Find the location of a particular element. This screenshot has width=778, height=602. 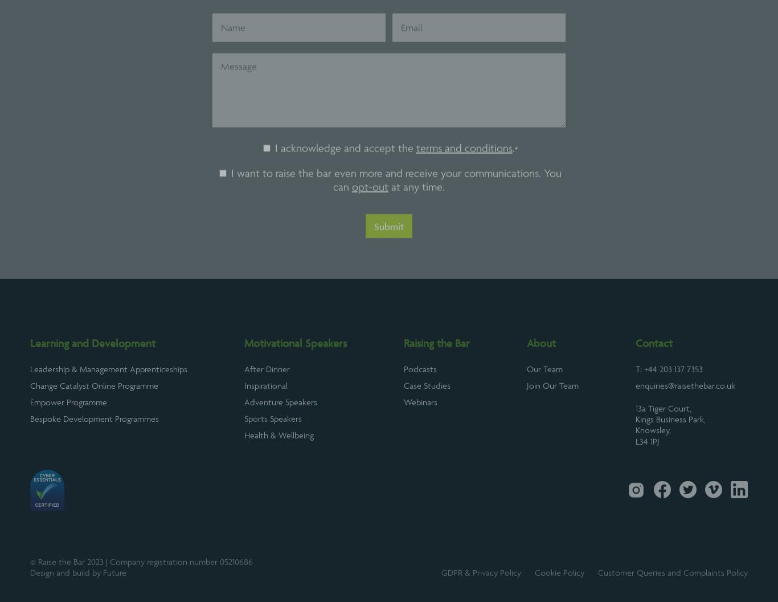

'terms and conditions' is located at coordinates (463, 180).